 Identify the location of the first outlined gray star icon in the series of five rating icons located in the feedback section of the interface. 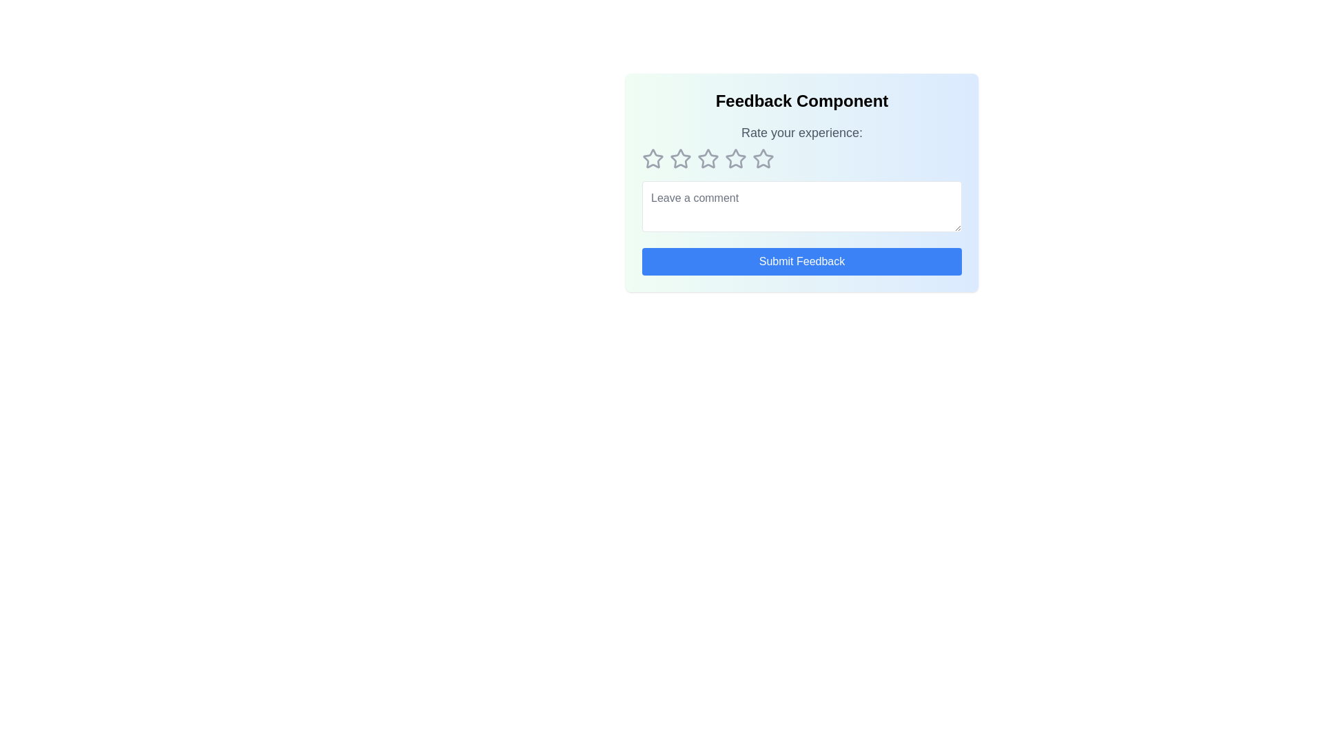
(653, 158).